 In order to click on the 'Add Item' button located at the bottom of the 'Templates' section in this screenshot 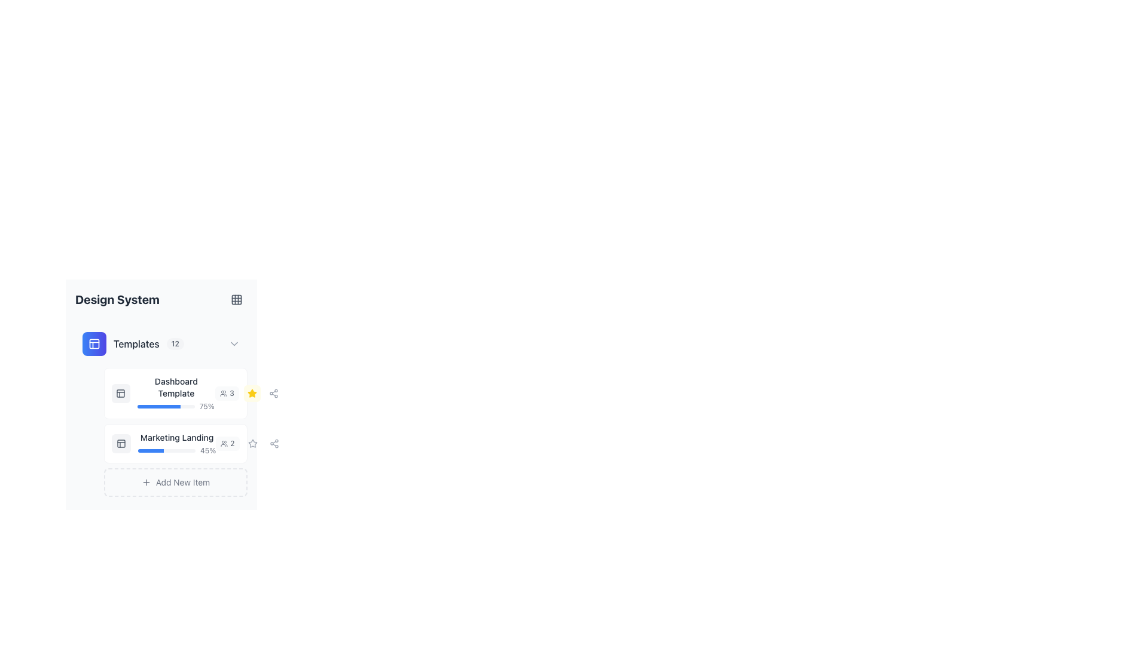, I will do `click(175, 481)`.